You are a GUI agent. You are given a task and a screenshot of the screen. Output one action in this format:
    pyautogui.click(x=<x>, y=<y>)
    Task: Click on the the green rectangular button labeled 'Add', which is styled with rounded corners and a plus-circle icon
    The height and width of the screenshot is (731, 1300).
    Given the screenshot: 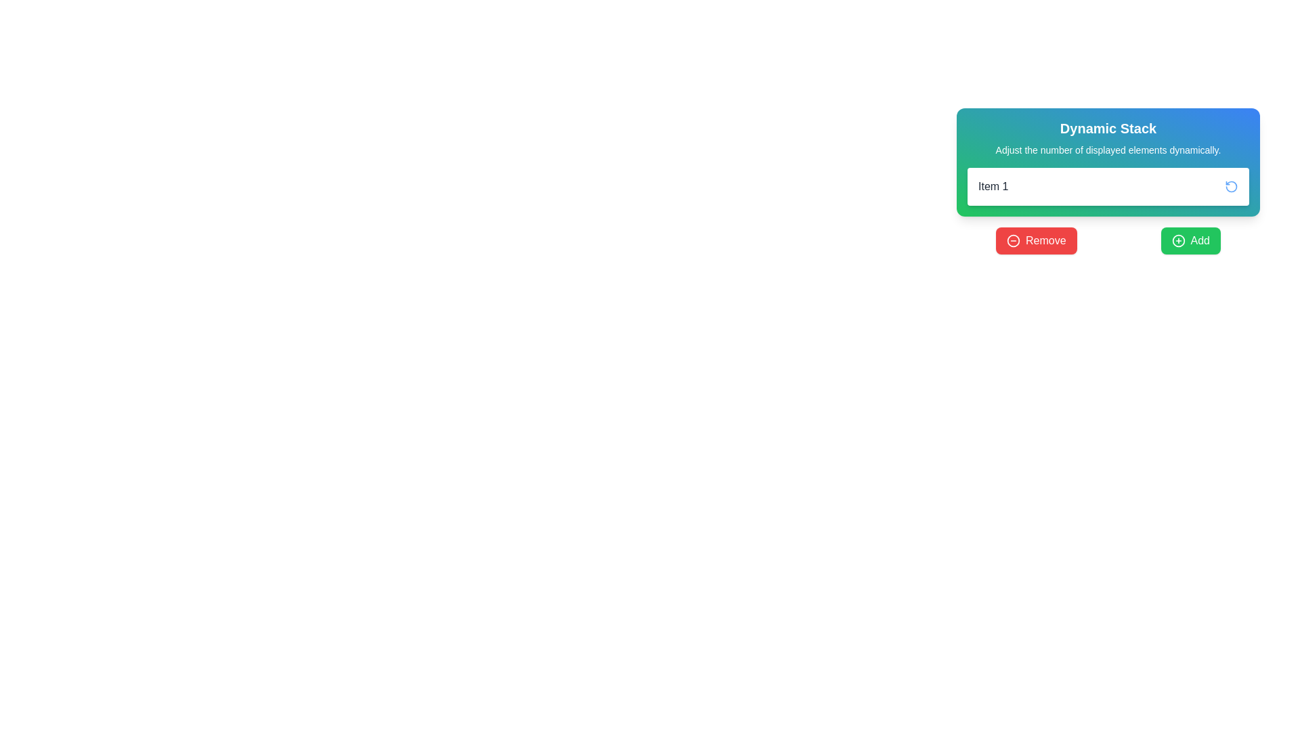 What is the action you would take?
    pyautogui.click(x=1189, y=240)
    